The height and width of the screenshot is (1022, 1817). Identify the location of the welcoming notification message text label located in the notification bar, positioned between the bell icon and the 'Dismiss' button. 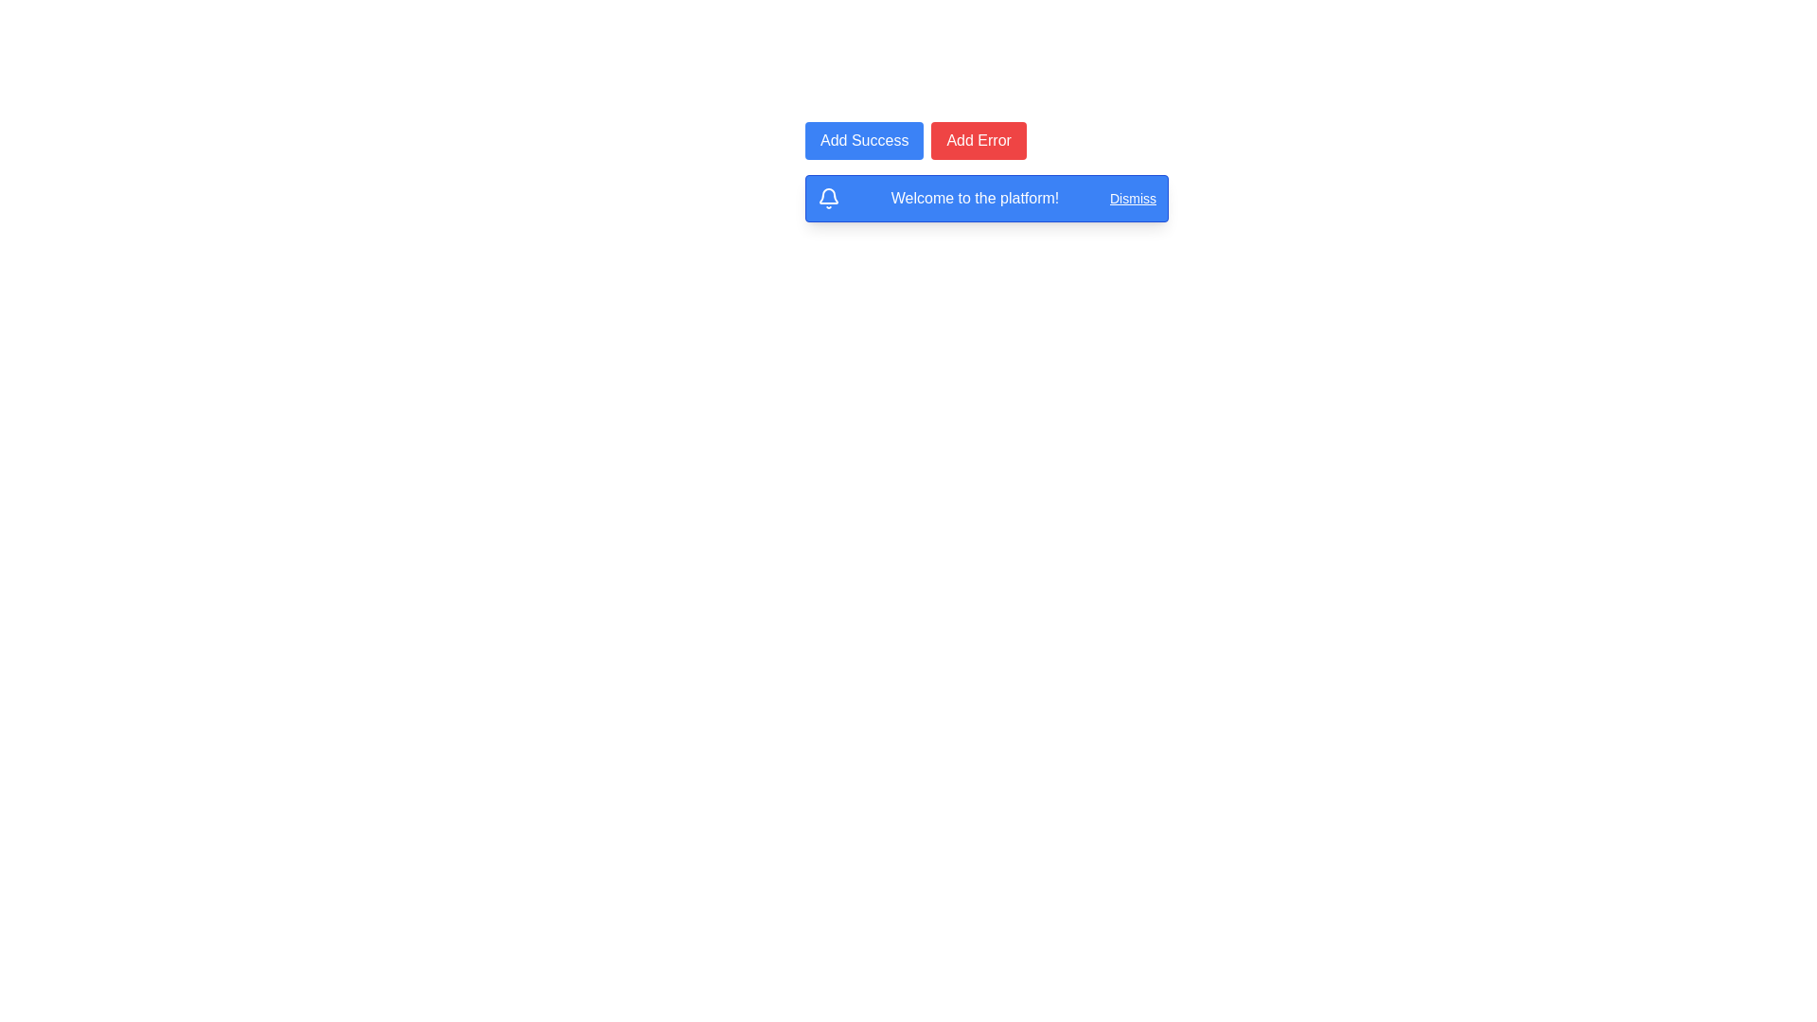
(975, 198).